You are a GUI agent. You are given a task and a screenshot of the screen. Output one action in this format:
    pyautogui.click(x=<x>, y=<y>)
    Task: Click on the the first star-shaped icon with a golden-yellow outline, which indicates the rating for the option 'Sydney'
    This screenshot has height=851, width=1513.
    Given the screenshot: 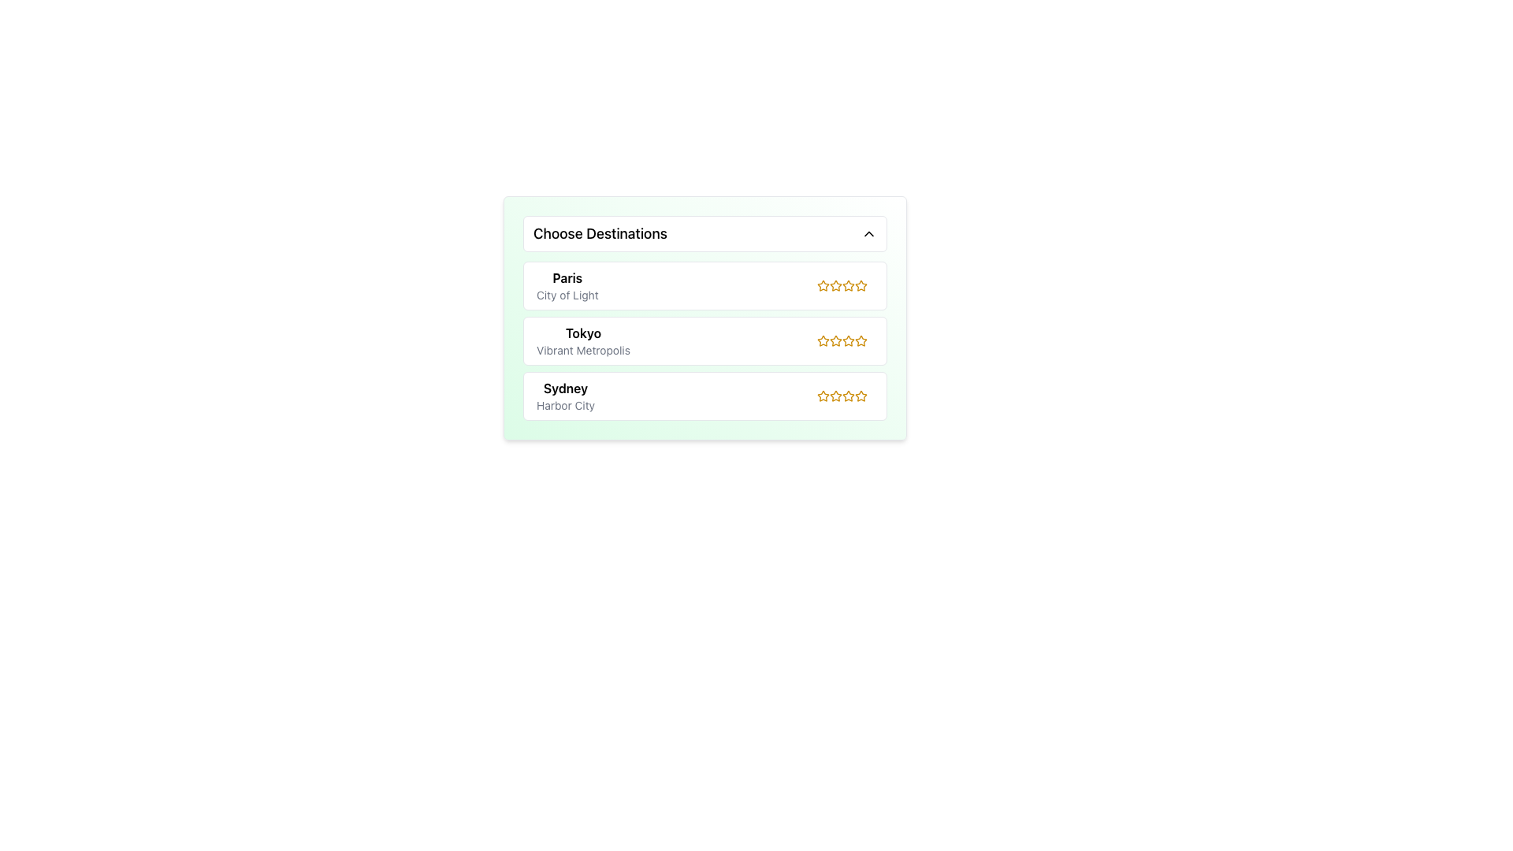 What is the action you would take?
    pyautogui.click(x=823, y=395)
    